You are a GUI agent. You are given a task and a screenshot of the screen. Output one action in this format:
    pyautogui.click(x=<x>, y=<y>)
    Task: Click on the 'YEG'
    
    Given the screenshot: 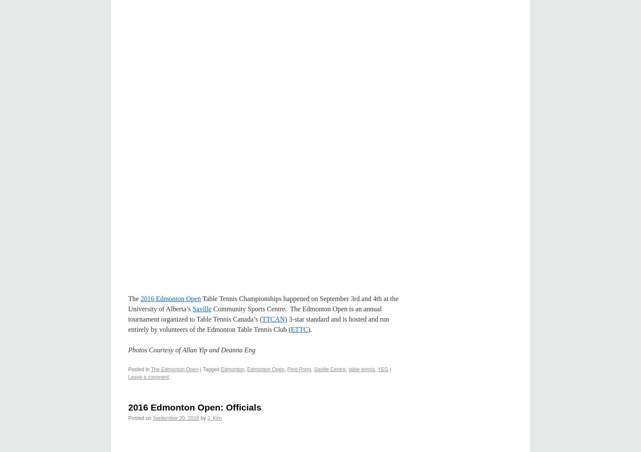 What is the action you would take?
    pyautogui.click(x=382, y=369)
    